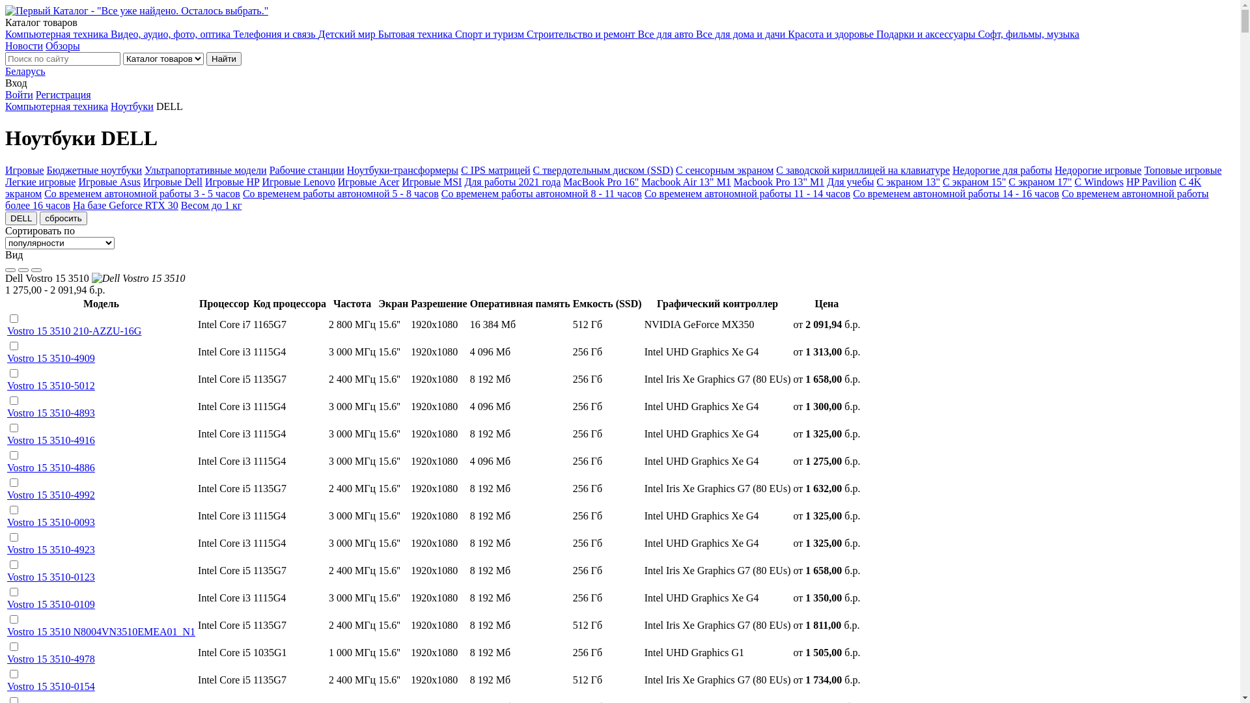 Image resolution: width=1250 pixels, height=703 pixels. I want to click on 'Dell Vostro 15 3510', so click(138, 278).